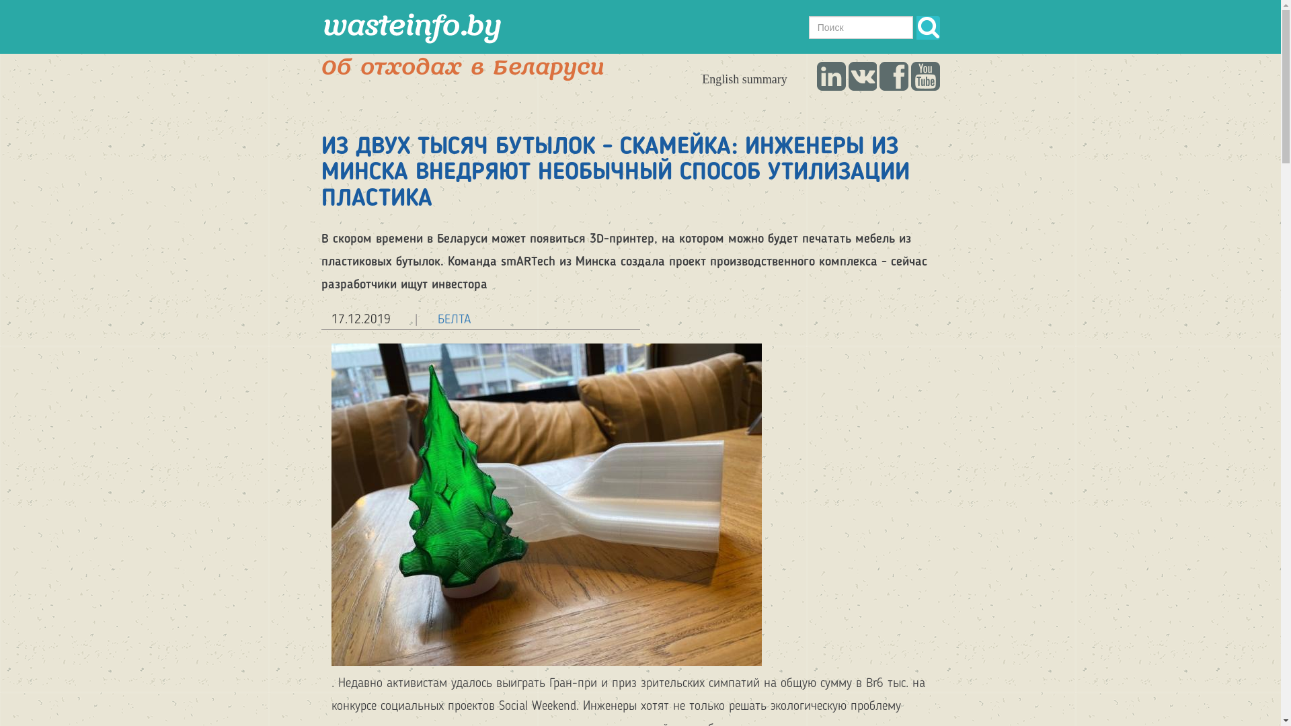  I want to click on 'English summary', so click(701, 79).